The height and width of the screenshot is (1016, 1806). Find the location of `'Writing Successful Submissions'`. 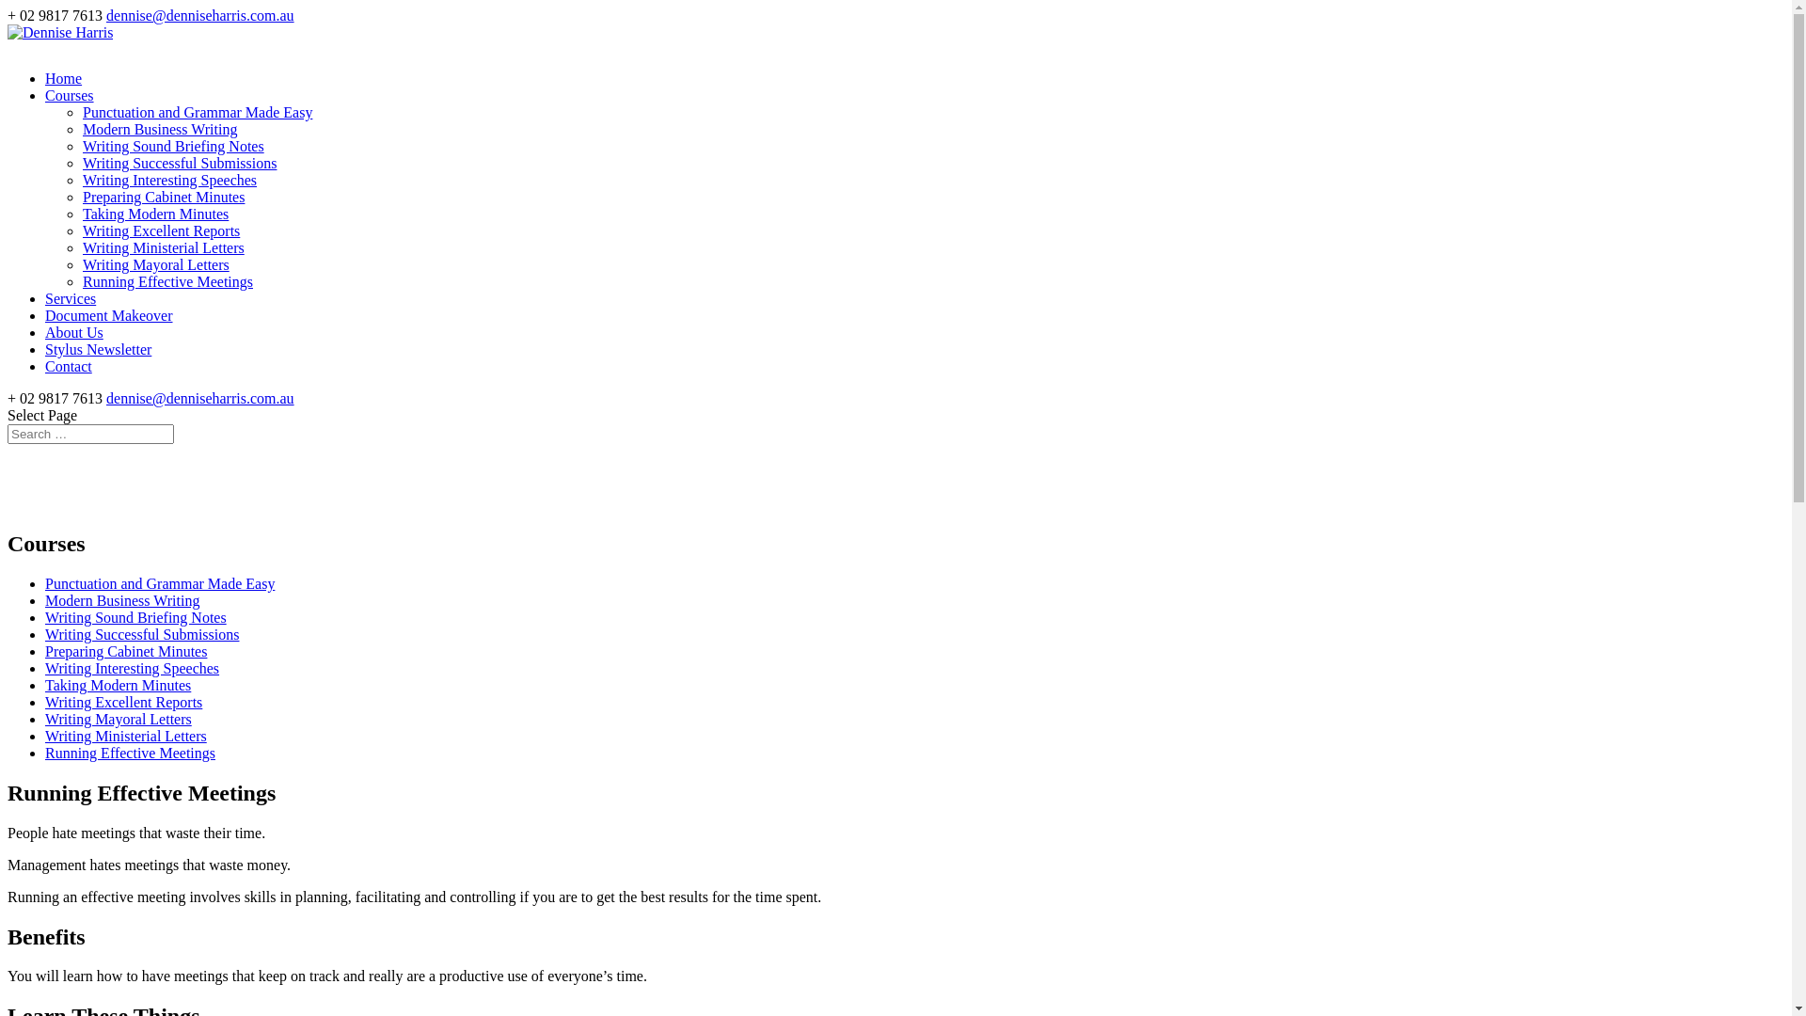

'Writing Successful Submissions' is located at coordinates (180, 162).